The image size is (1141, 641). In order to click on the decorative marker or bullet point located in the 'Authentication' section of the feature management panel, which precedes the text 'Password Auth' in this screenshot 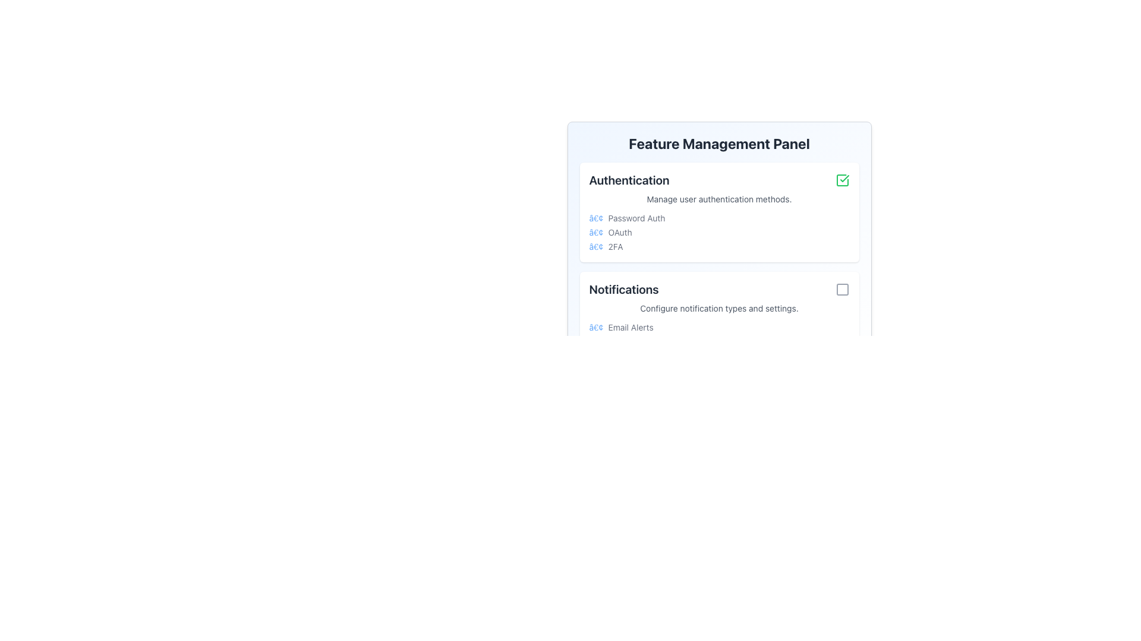, I will do `click(596, 218)`.